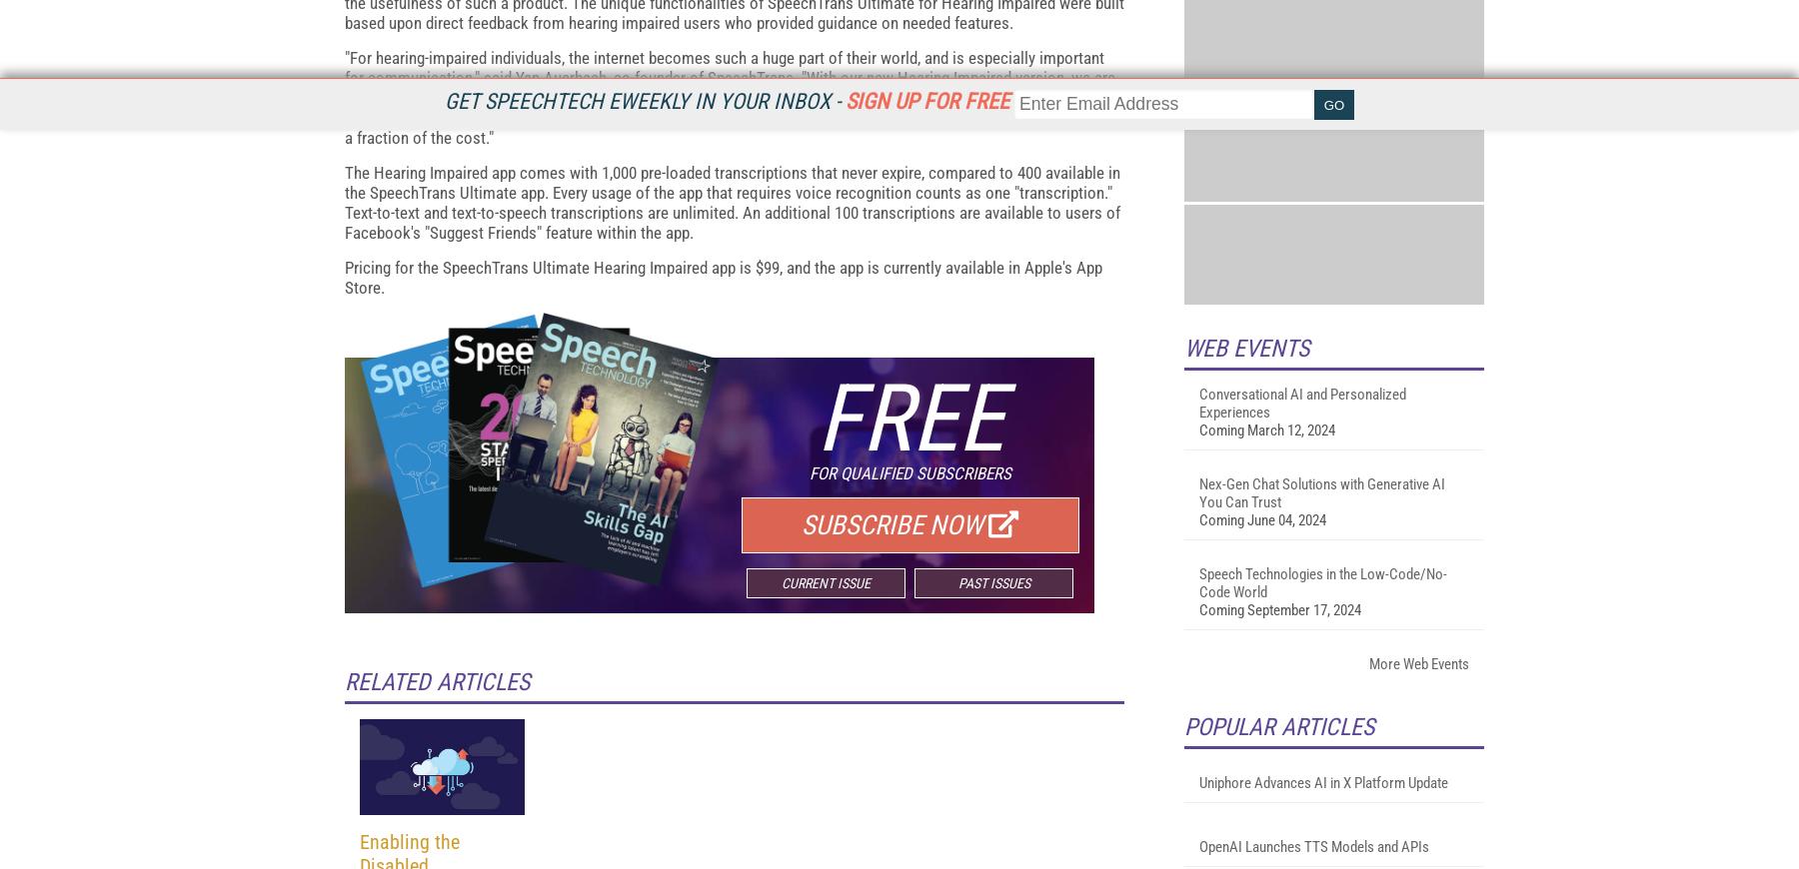 The width and height of the screenshot is (1799, 869). Describe the element at coordinates (1322, 733) in the screenshot. I see `'Nex-Gen Chat Solutions with Generative AI You Can Trust'` at that location.